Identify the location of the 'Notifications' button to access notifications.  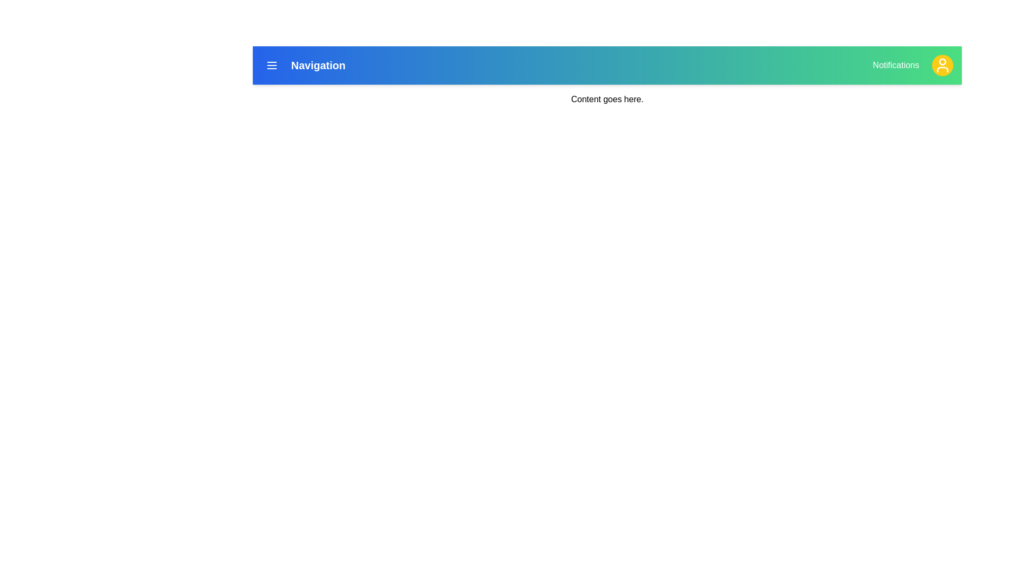
(895, 65).